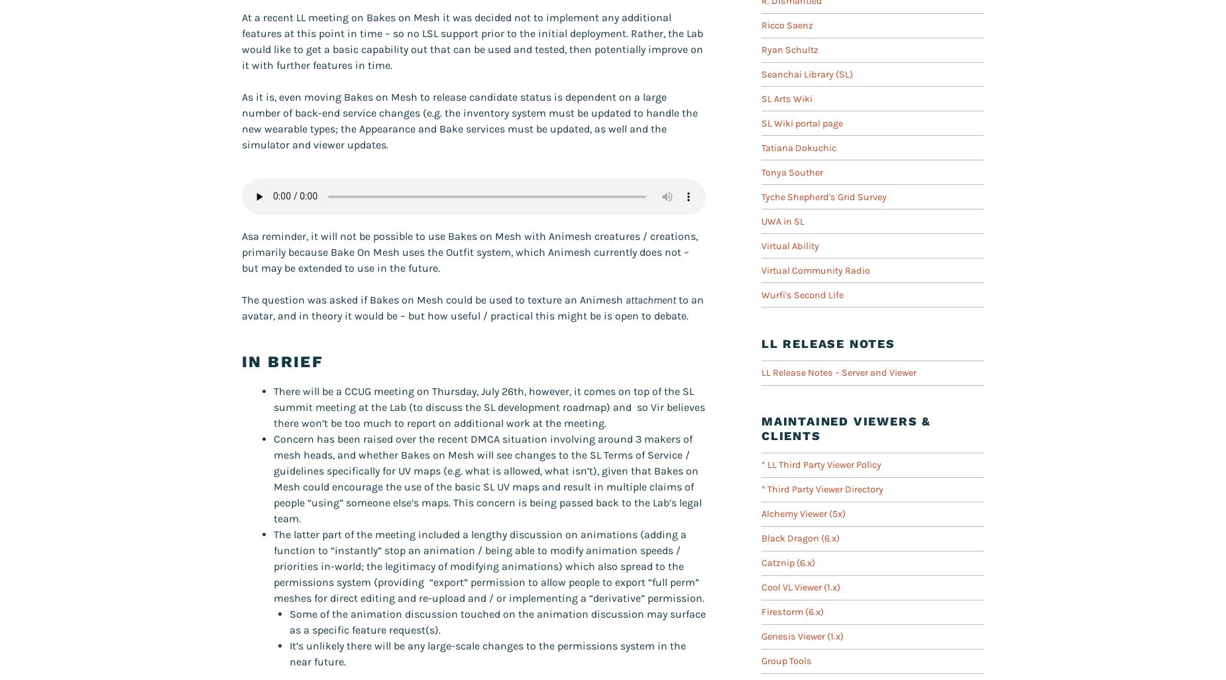 The height and width of the screenshot is (680, 1226). Describe the element at coordinates (787, 563) in the screenshot. I see `'Catznip (6.x)'` at that location.